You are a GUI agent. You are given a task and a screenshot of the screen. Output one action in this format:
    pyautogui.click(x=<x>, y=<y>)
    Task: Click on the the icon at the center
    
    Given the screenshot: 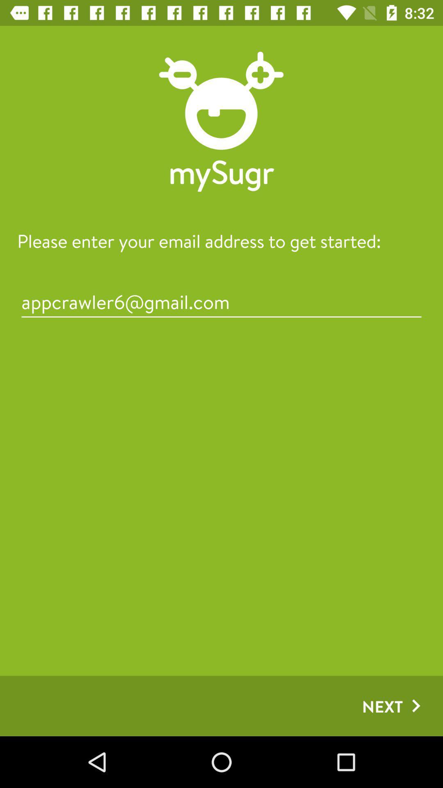 What is the action you would take?
    pyautogui.click(x=221, y=301)
    